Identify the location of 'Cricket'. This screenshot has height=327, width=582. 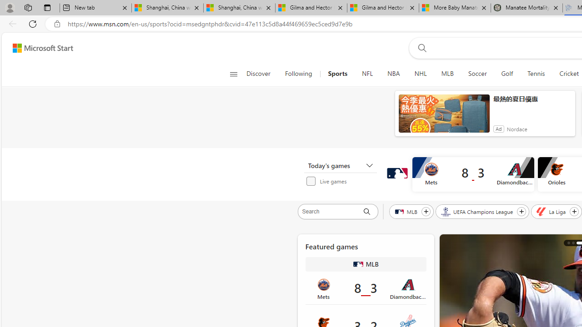
(568, 74).